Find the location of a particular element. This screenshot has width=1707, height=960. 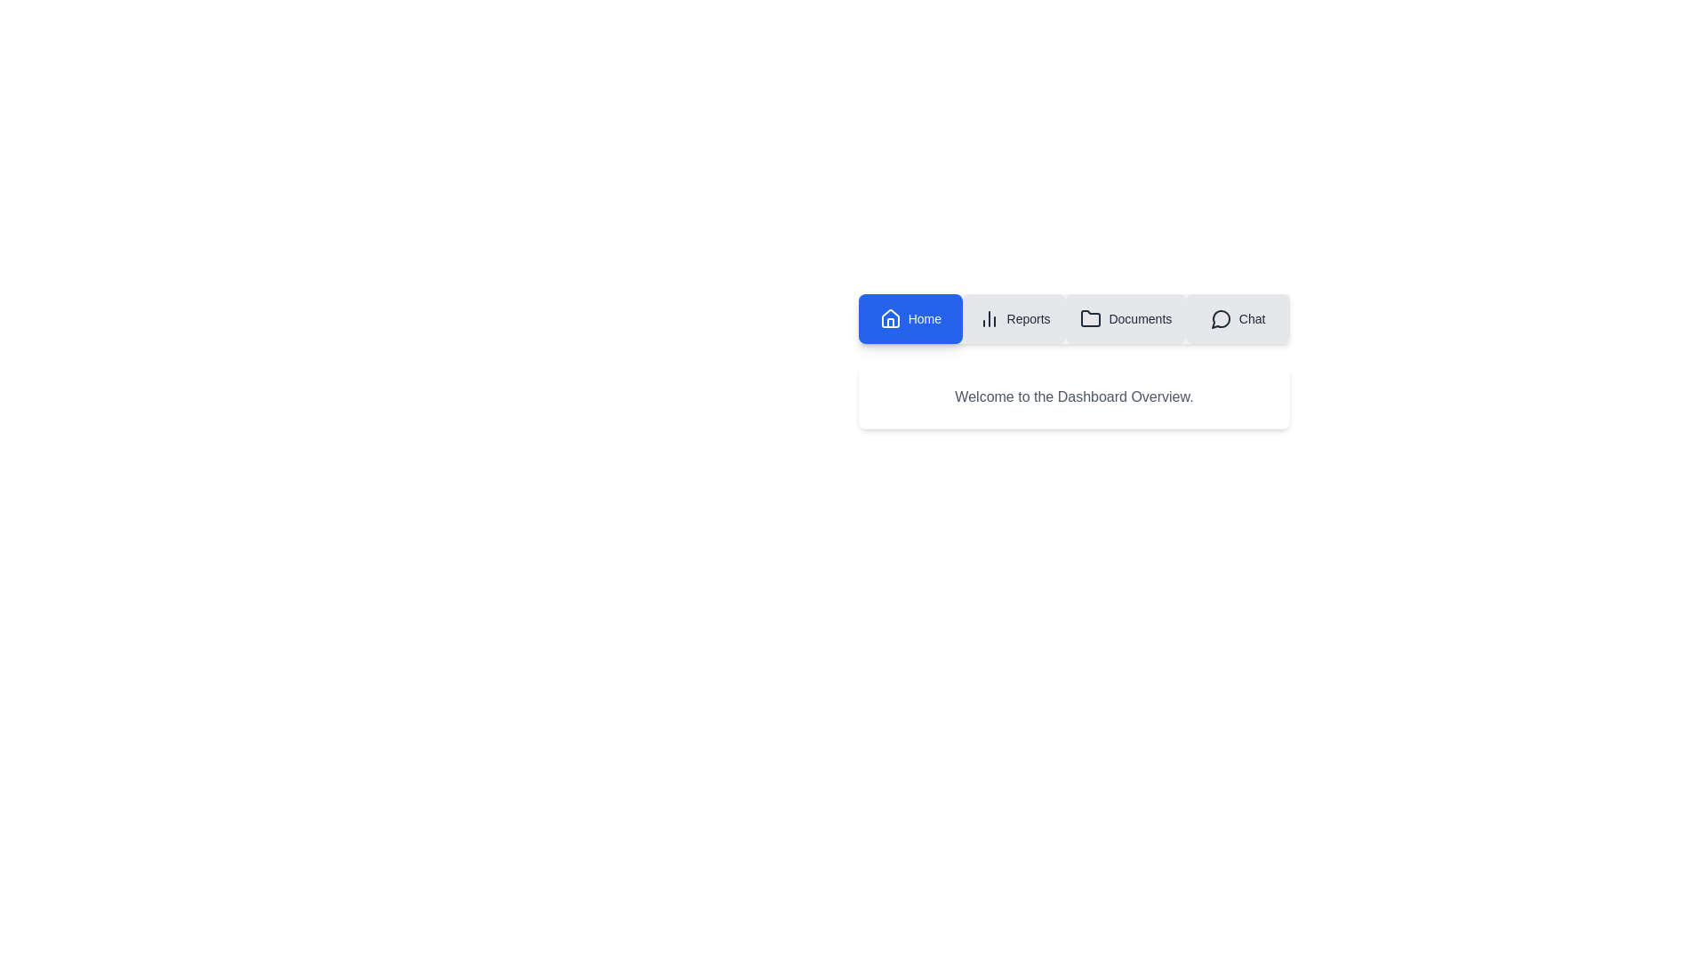

the tab labeled Chat to observe its visual feedback is located at coordinates (1237, 317).